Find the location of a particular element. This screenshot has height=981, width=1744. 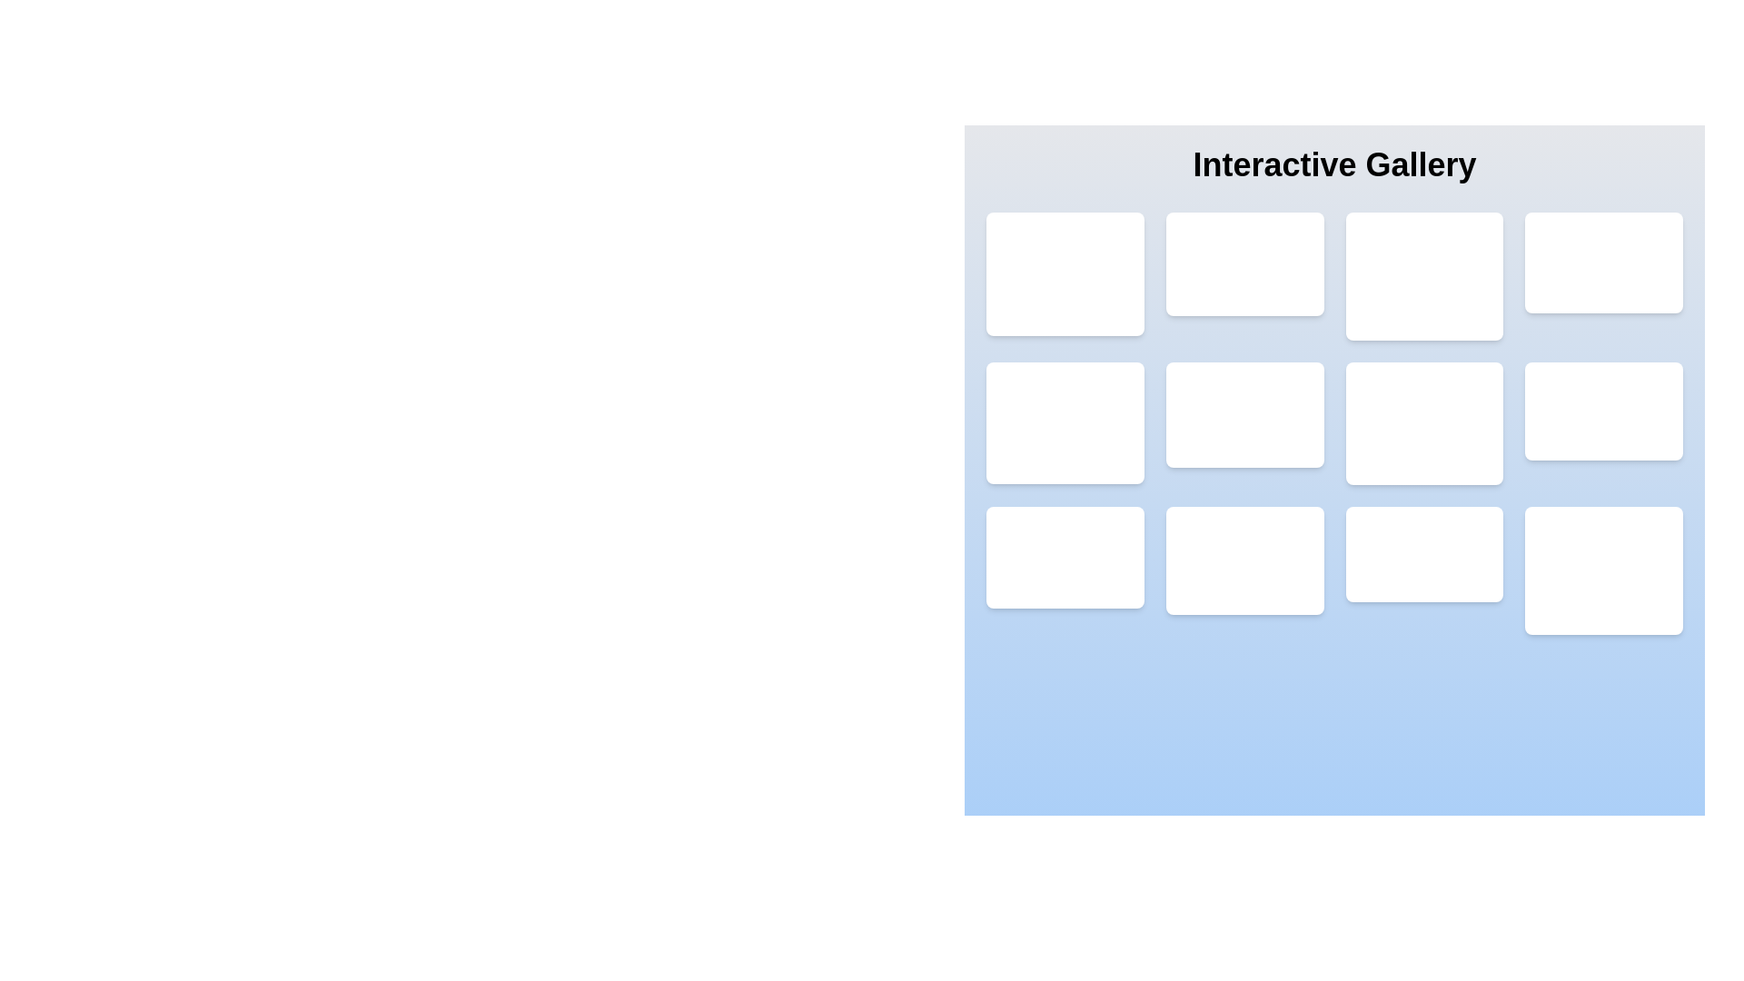

the second button in the horizontal sequence within the 'Interactive Gallery' section is located at coordinates (1265, 456).